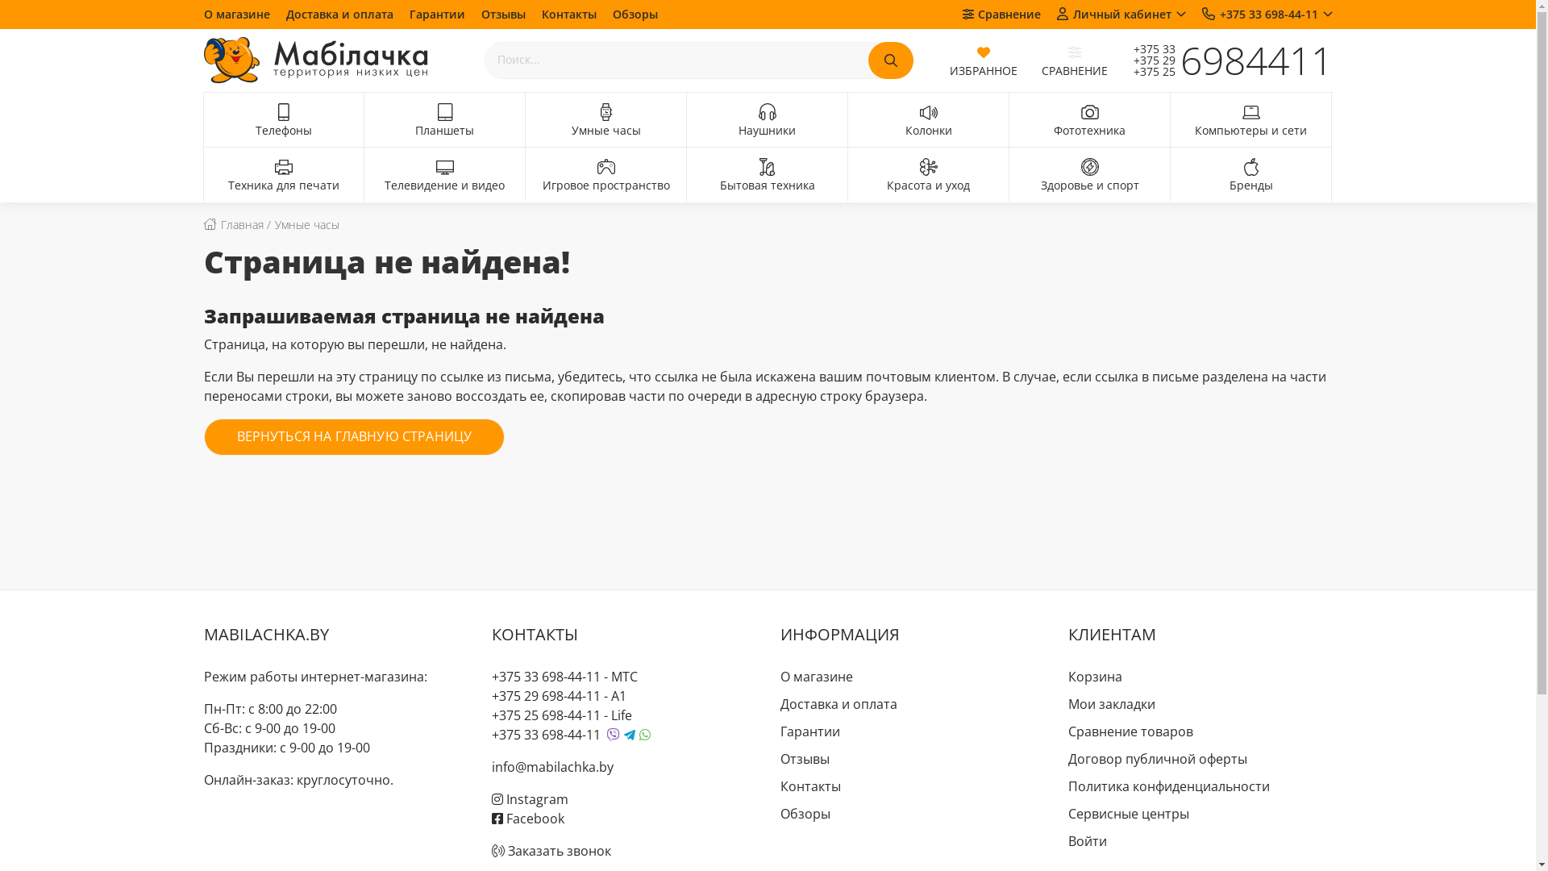  I want to click on 'APPLY', so click(866, 59).